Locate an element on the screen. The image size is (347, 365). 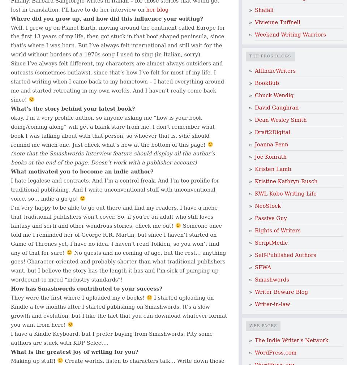
'Kristine Kathryn Rusch' is located at coordinates (286, 181).